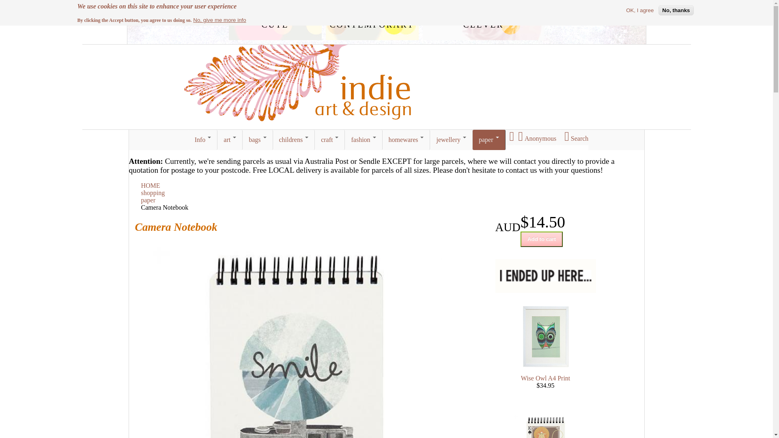 Image resolution: width=779 pixels, height=438 pixels. I want to click on 'Anonymous', so click(535, 137).